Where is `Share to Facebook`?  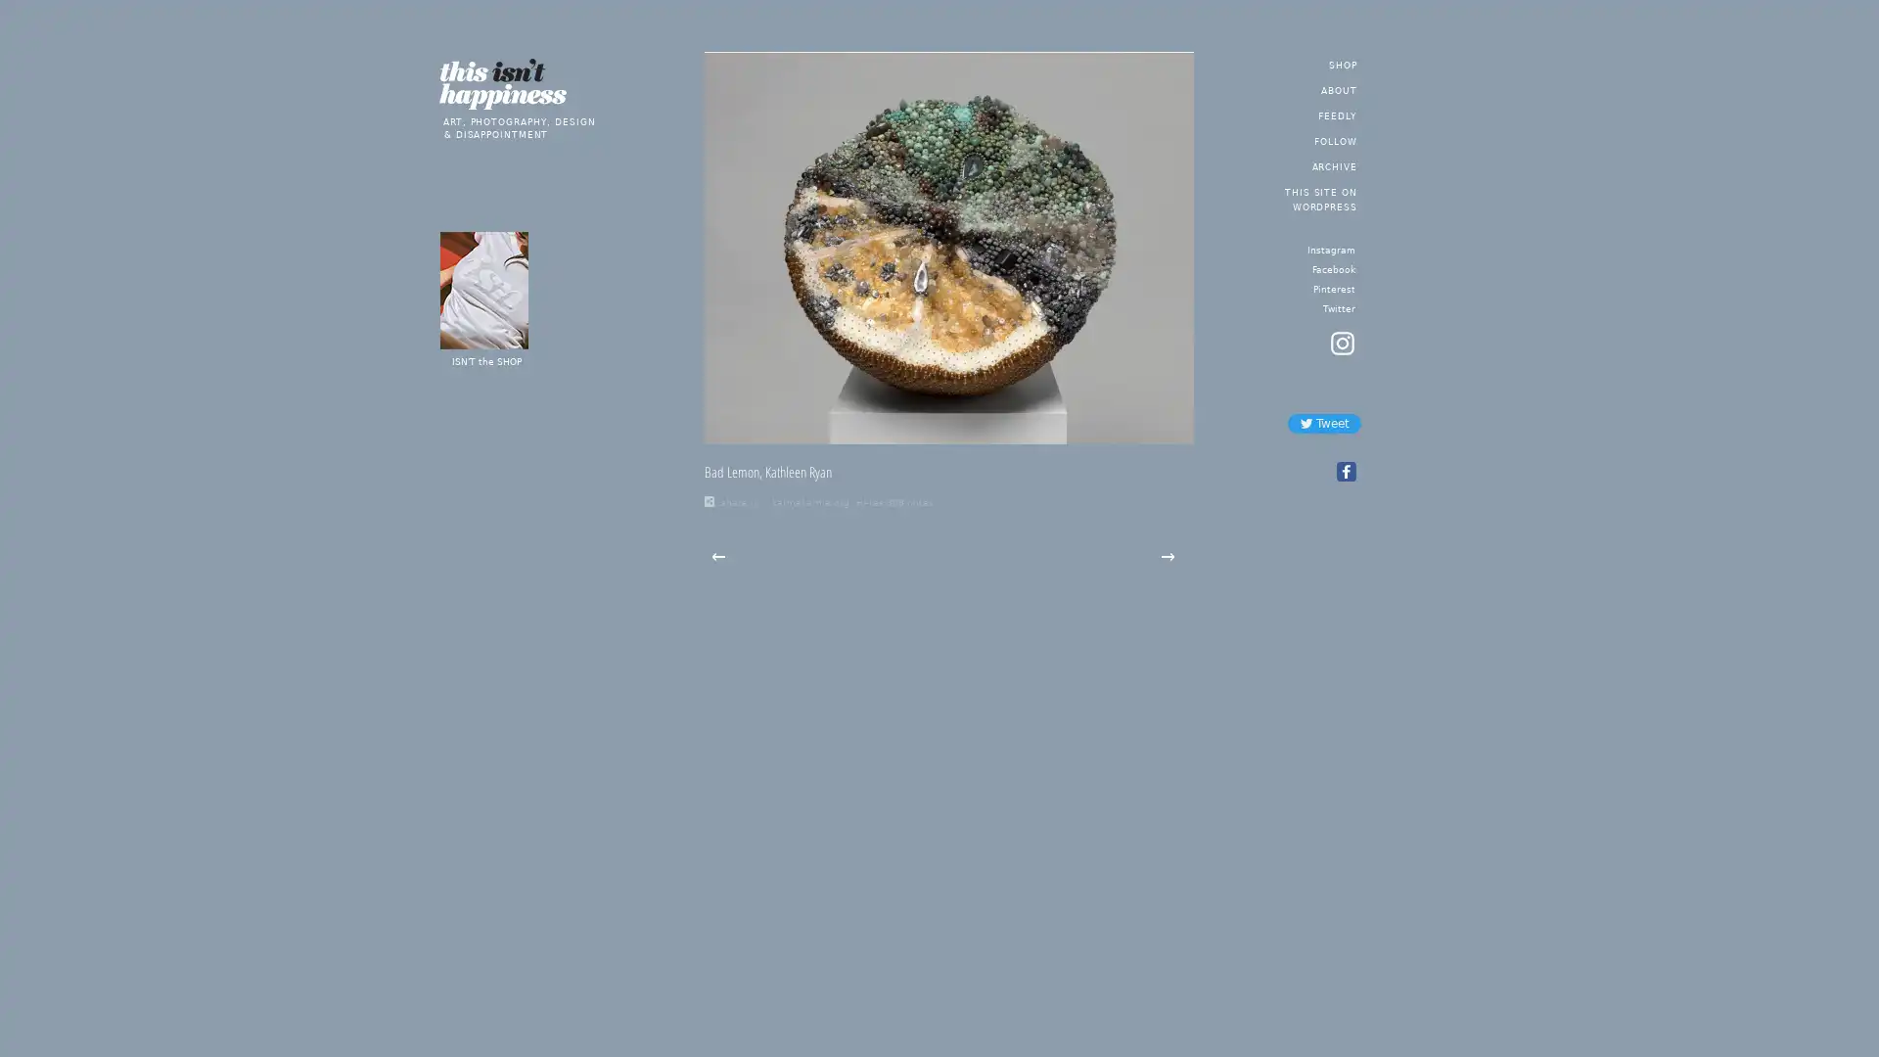 Share to Facebook is located at coordinates (1344, 472).